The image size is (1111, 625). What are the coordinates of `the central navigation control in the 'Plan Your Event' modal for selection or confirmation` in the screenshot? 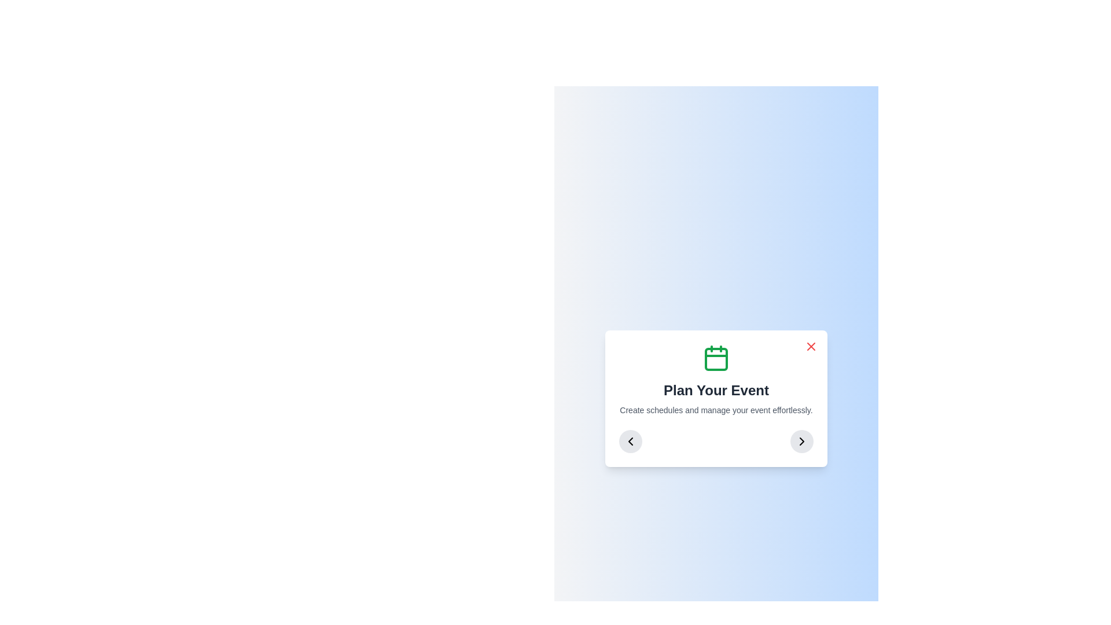 It's located at (716, 442).